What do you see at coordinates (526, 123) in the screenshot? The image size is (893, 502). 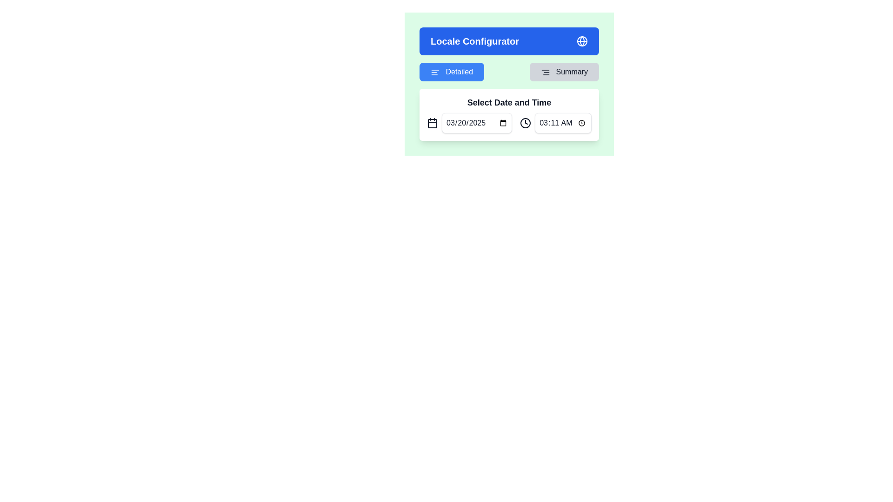 I see `the circular graphical clock icon with a black outline and details, located directly left of the time input field in the 'Select Date and Time' section` at bounding box center [526, 123].